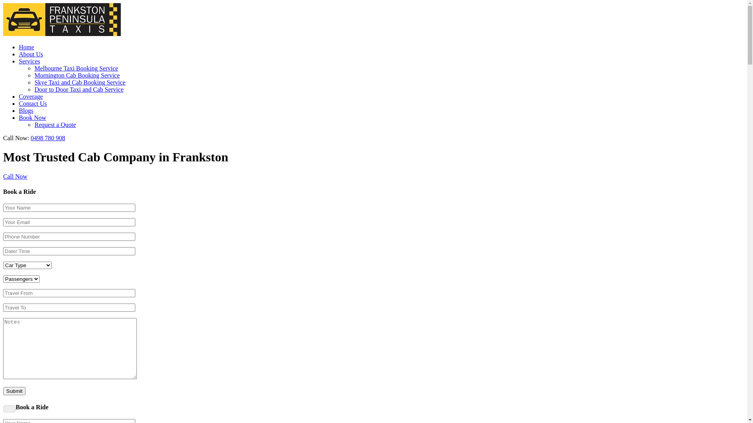 The width and height of the screenshot is (753, 423). What do you see at coordinates (34, 75) in the screenshot?
I see `'Mornington Cab Booking Service'` at bounding box center [34, 75].